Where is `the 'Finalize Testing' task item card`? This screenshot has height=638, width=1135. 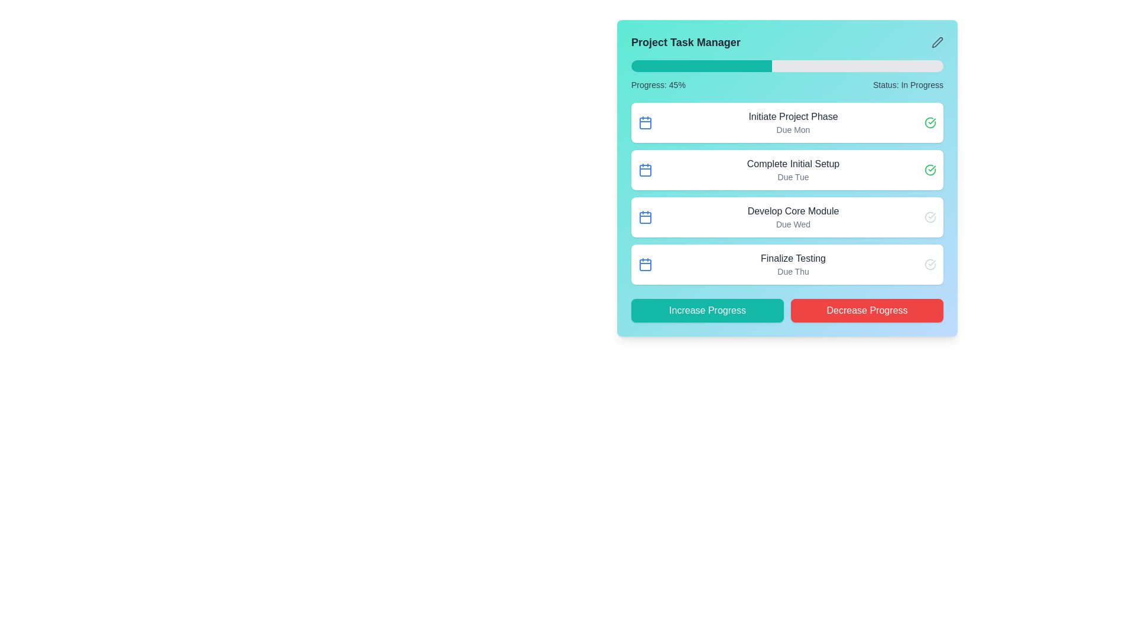
the 'Finalize Testing' task item card is located at coordinates (787, 263).